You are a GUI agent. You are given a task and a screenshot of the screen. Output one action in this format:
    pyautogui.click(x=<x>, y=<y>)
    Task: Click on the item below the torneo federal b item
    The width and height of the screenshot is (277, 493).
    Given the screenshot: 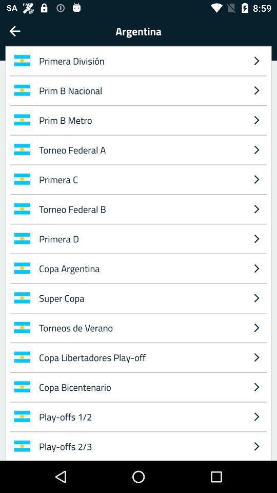 What is the action you would take?
    pyautogui.click(x=140, y=238)
    